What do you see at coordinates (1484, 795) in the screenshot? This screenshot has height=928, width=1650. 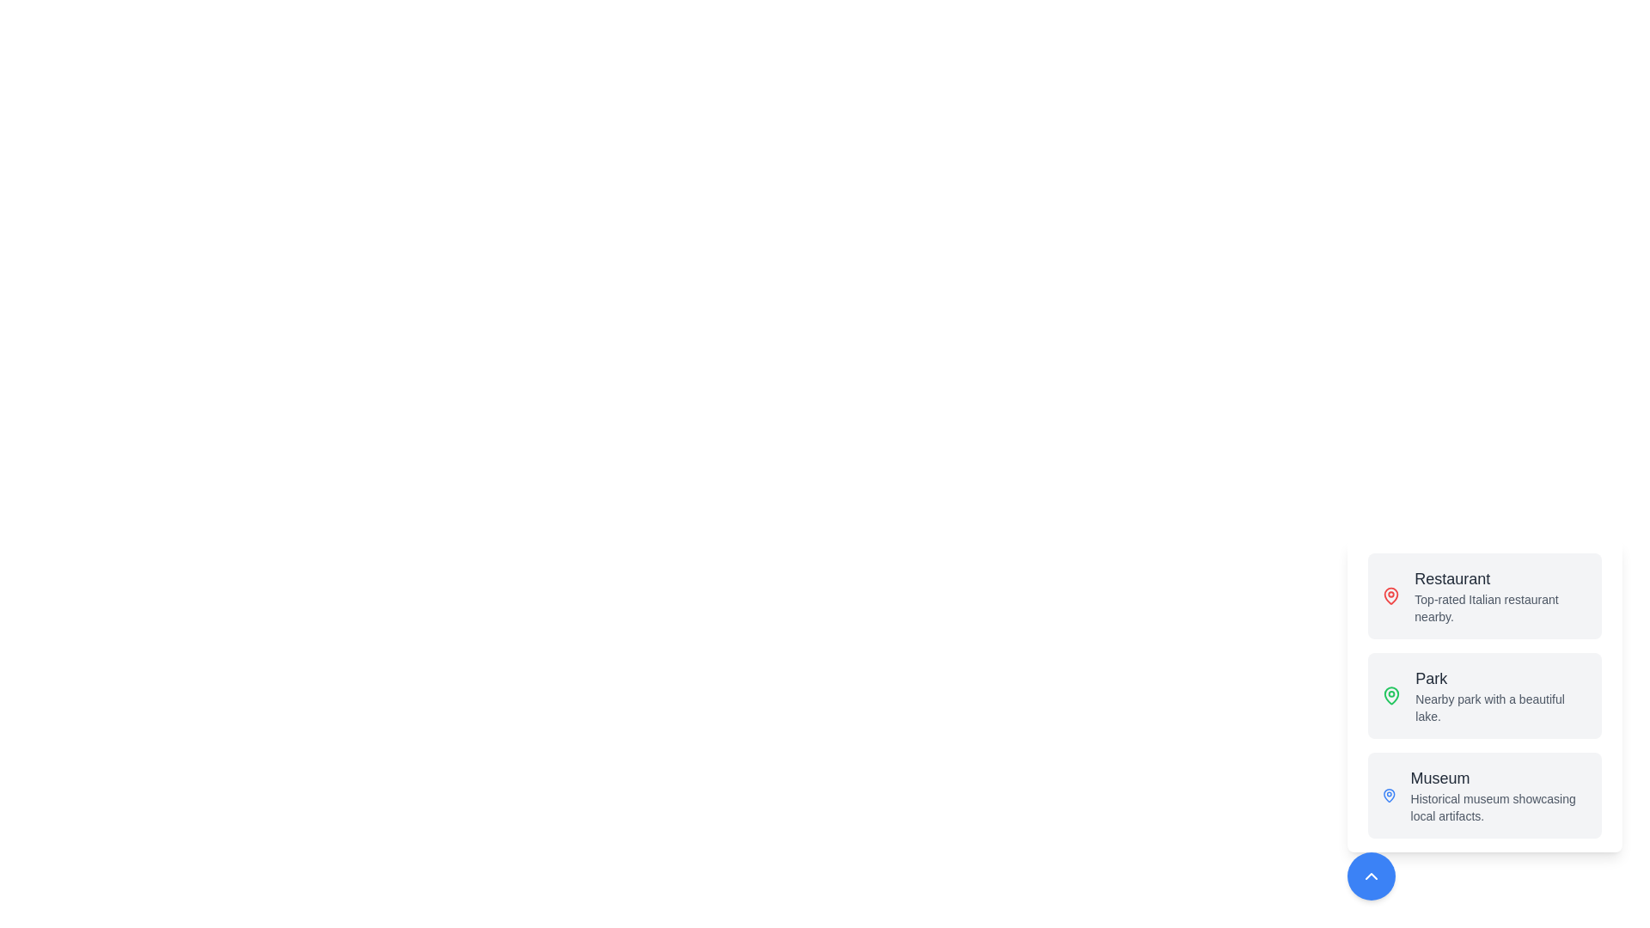 I see `the location button to trigger its action. The location can be specified as Museum` at bounding box center [1484, 795].